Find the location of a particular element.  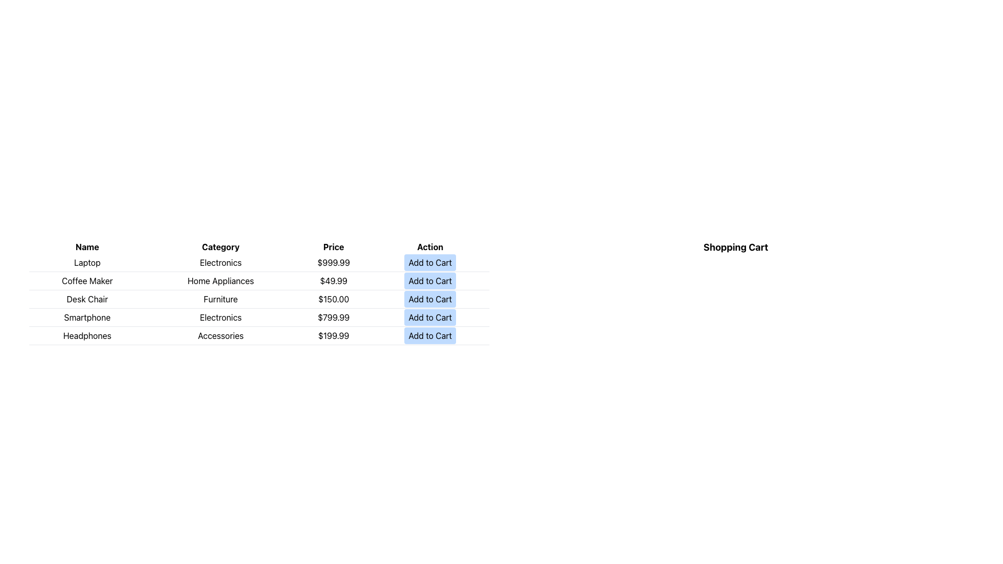

the 'Accessories' text label located in the last row of the table under the 'Category' column is located at coordinates (220, 336).